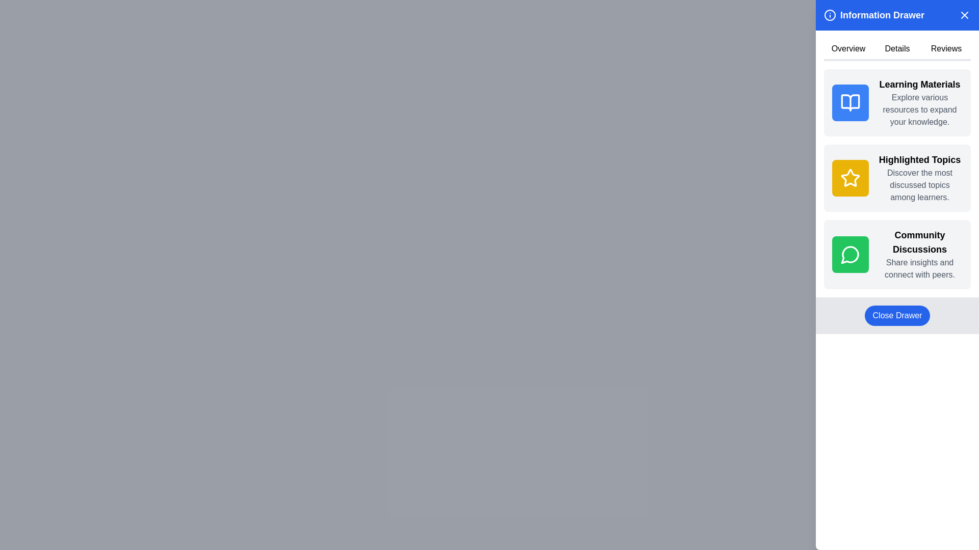 This screenshot has width=979, height=550. Describe the element at coordinates (851, 102) in the screenshot. I see `the blue square button with rounded corners containing a white book icon in the Information Drawer section` at that location.